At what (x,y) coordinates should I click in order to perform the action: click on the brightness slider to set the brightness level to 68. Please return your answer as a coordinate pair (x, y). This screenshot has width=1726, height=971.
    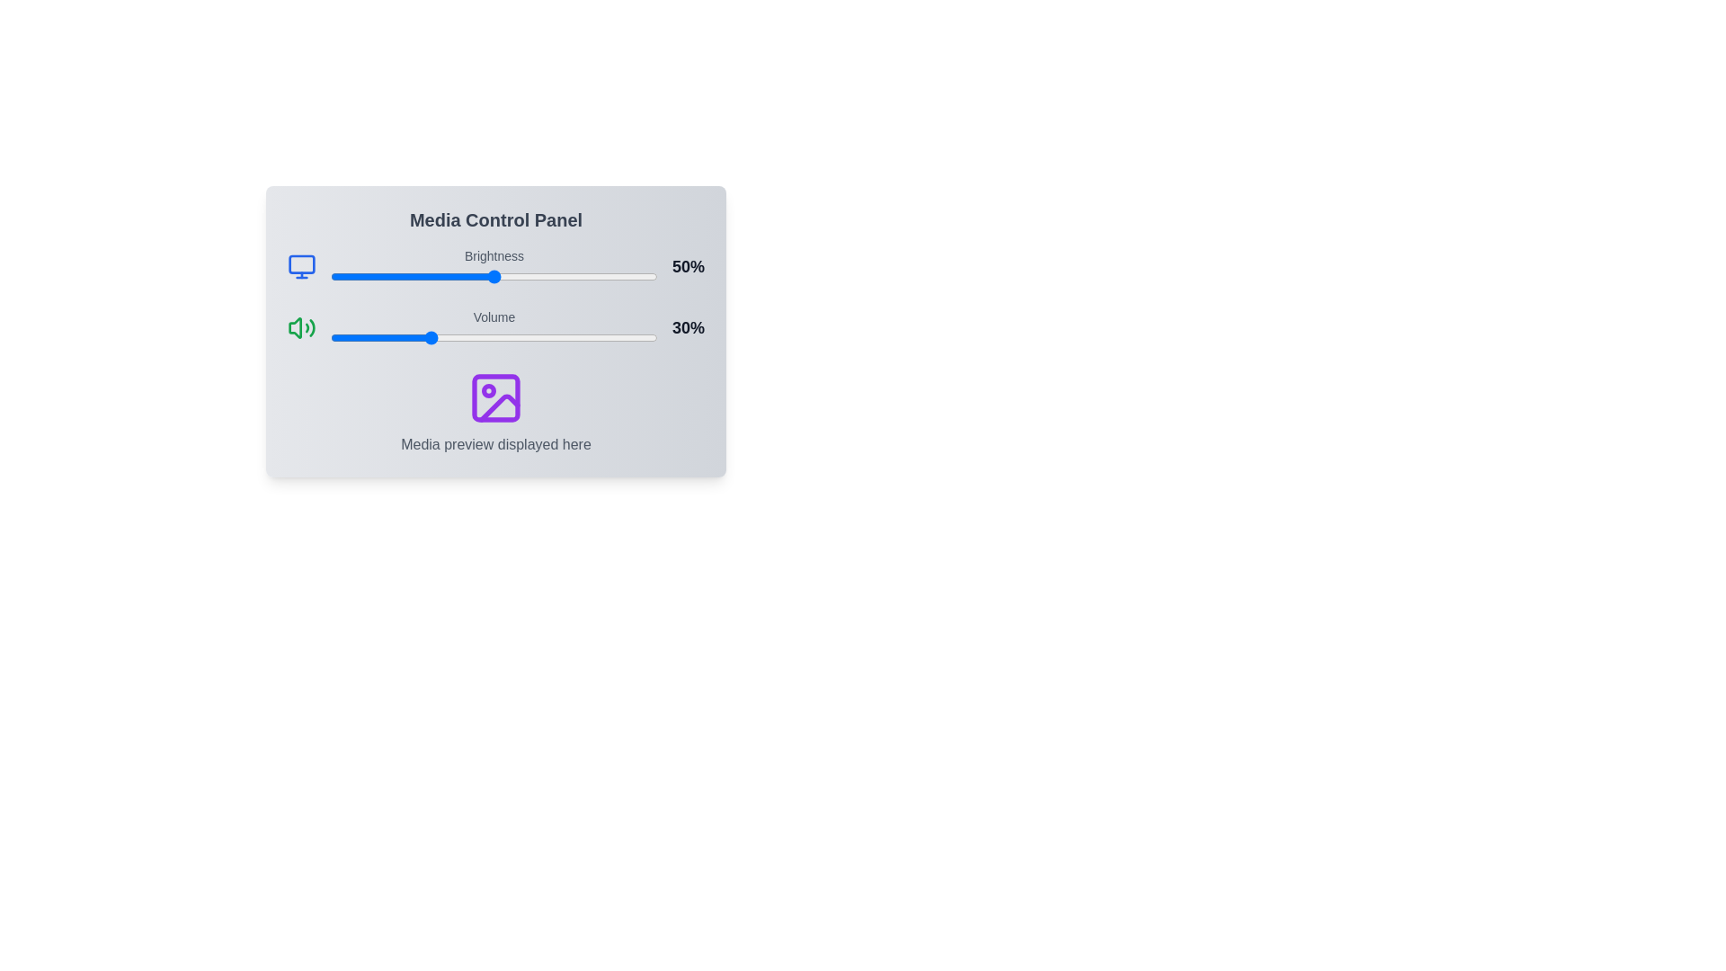
    Looking at the image, I should click on (551, 277).